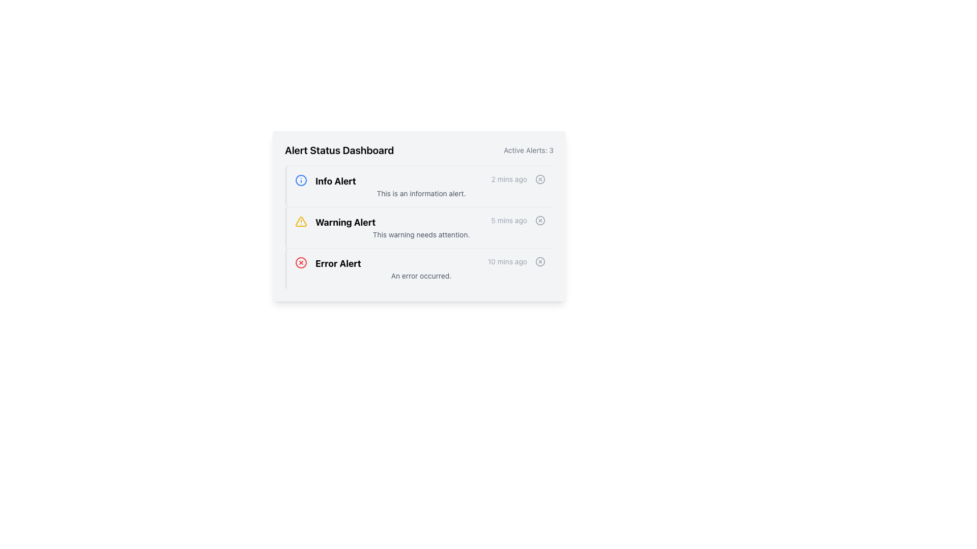 The height and width of the screenshot is (549, 977). I want to click on the circular dismiss button with an 'X' mark inside it, located on the right side of the 'Warning Alert' row, so click(539, 220).